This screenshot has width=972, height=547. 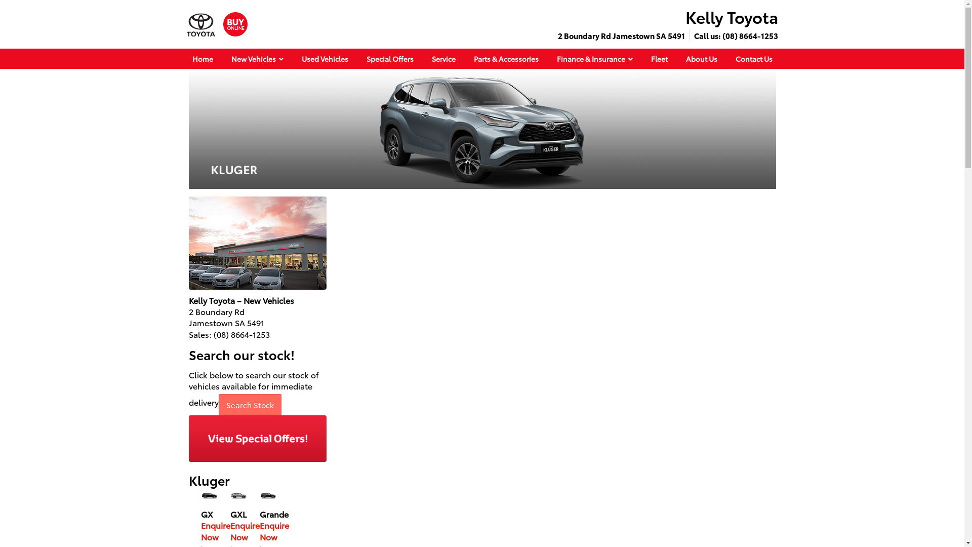 I want to click on '(08) 8664-1253', so click(x=750, y=34).